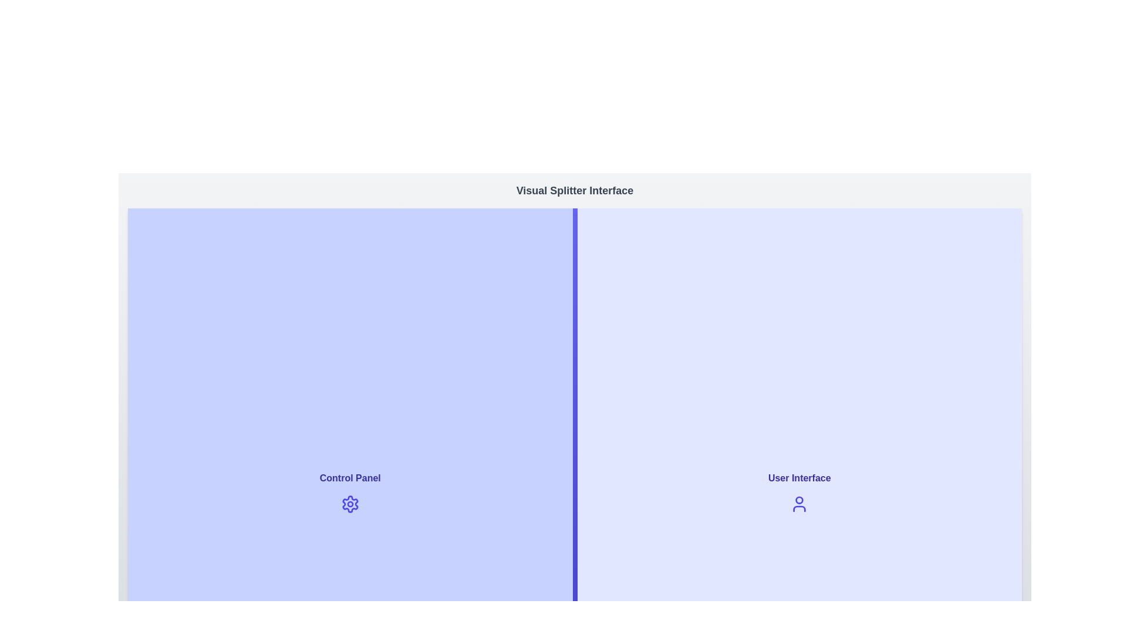 This screenshot has width=1127, height=634. What do you see at coordinates (799, 504) in the screenshot?
I see `the user icon, which is a vivid indigo circular figure located below the 'User Interface' text` at bounding box center [799, 504].